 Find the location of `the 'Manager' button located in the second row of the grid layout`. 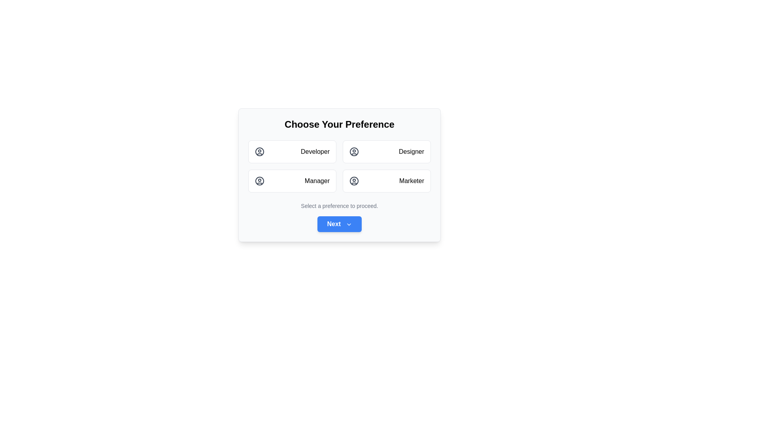

the 'Manager' button located in the second row of the grid layout is located at coordinates (292, 181).